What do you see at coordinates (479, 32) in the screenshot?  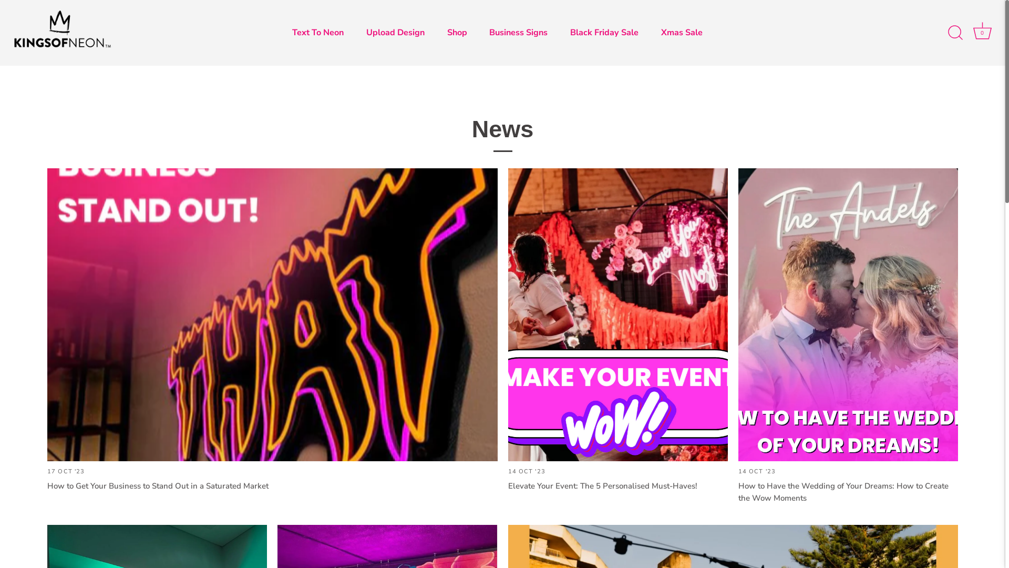 I see `'Business Signs'` at bounding box center [479, 32].